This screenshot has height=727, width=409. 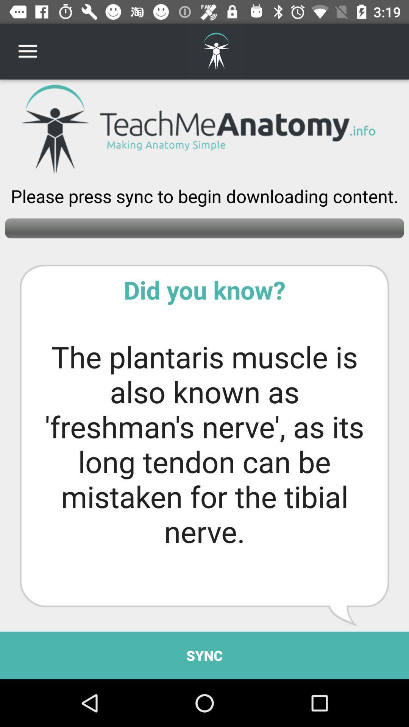 What do you see at coordinates (27, 51) in the screenshot?
I see `item at the top left corner` at bounding box center [27, 51].